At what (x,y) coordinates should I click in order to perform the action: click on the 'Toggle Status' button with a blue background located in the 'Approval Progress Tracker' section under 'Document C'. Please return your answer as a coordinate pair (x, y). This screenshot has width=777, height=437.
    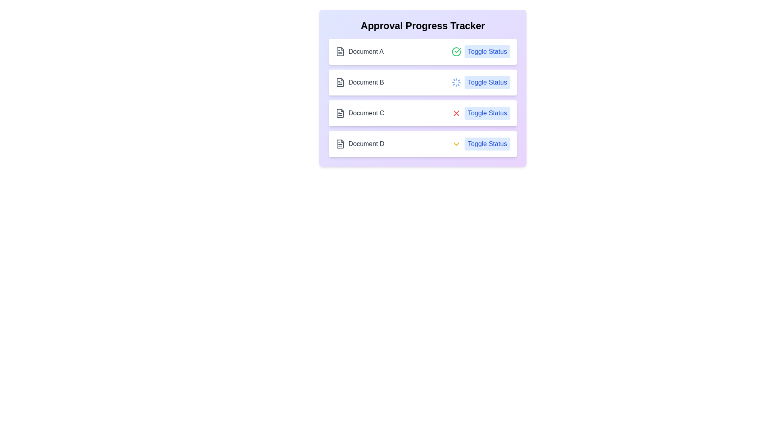
    Looking at the image, I should click on (481, 113).